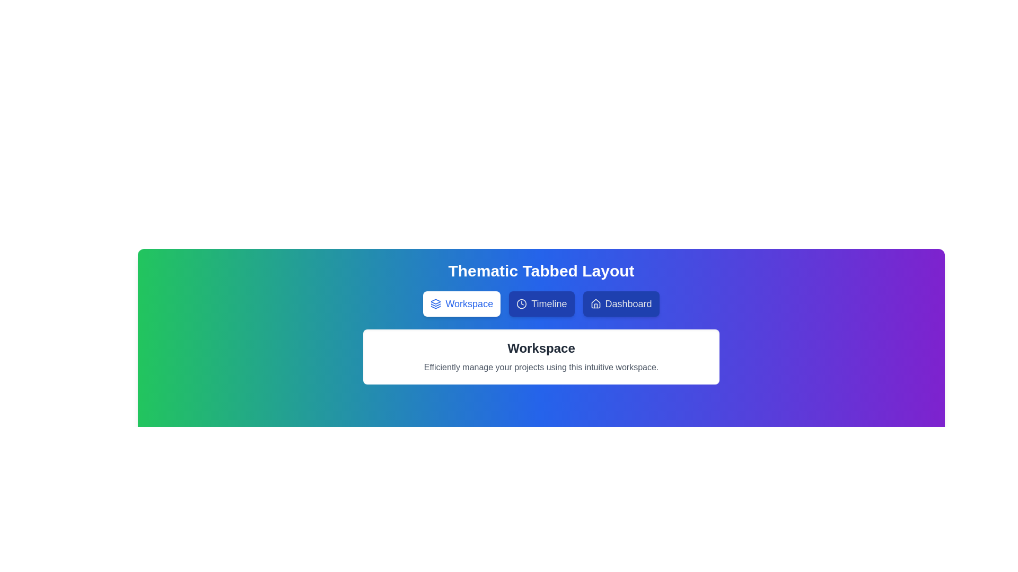 The width and height of the screenshot is (1018, 572). Describe the element at coordinates (522, 304) in the screenshot. I see `the clock icon within the 'Timeline' button, which is the second button in a row of three options labeled 'Workspace', 'Timeline', and 'Dashboard'. The icon is styled with a blue background and clock hands pointing to 12 and 2 o'clock` at that location.